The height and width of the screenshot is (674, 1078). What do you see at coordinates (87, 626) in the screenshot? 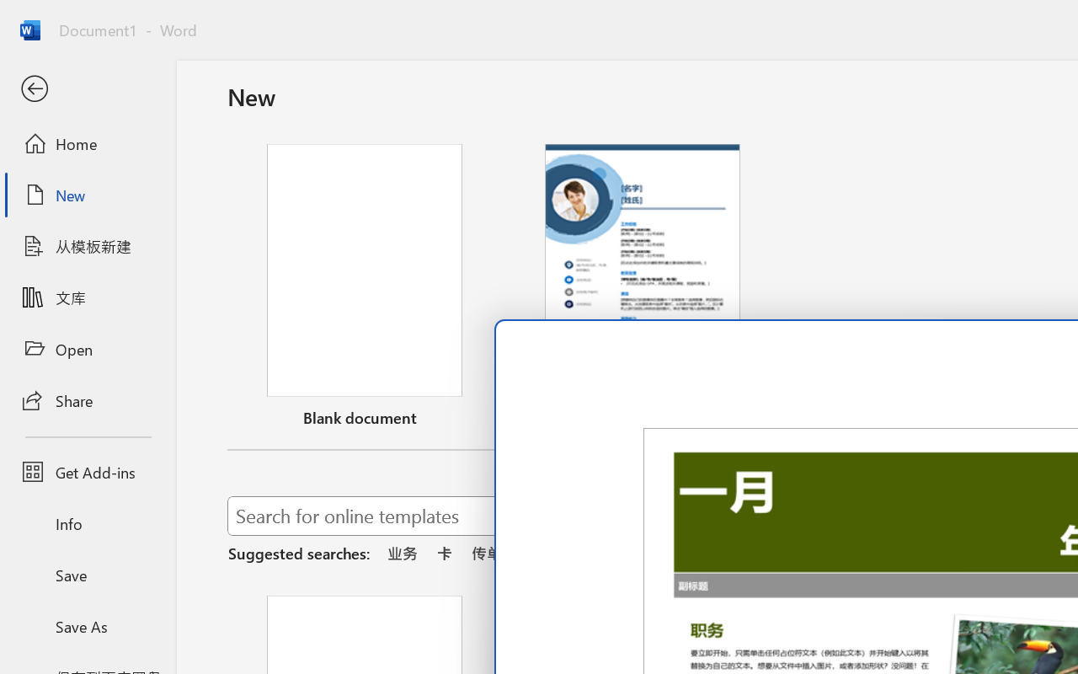
I see `'Save As'` at bounding box center [87, 626].